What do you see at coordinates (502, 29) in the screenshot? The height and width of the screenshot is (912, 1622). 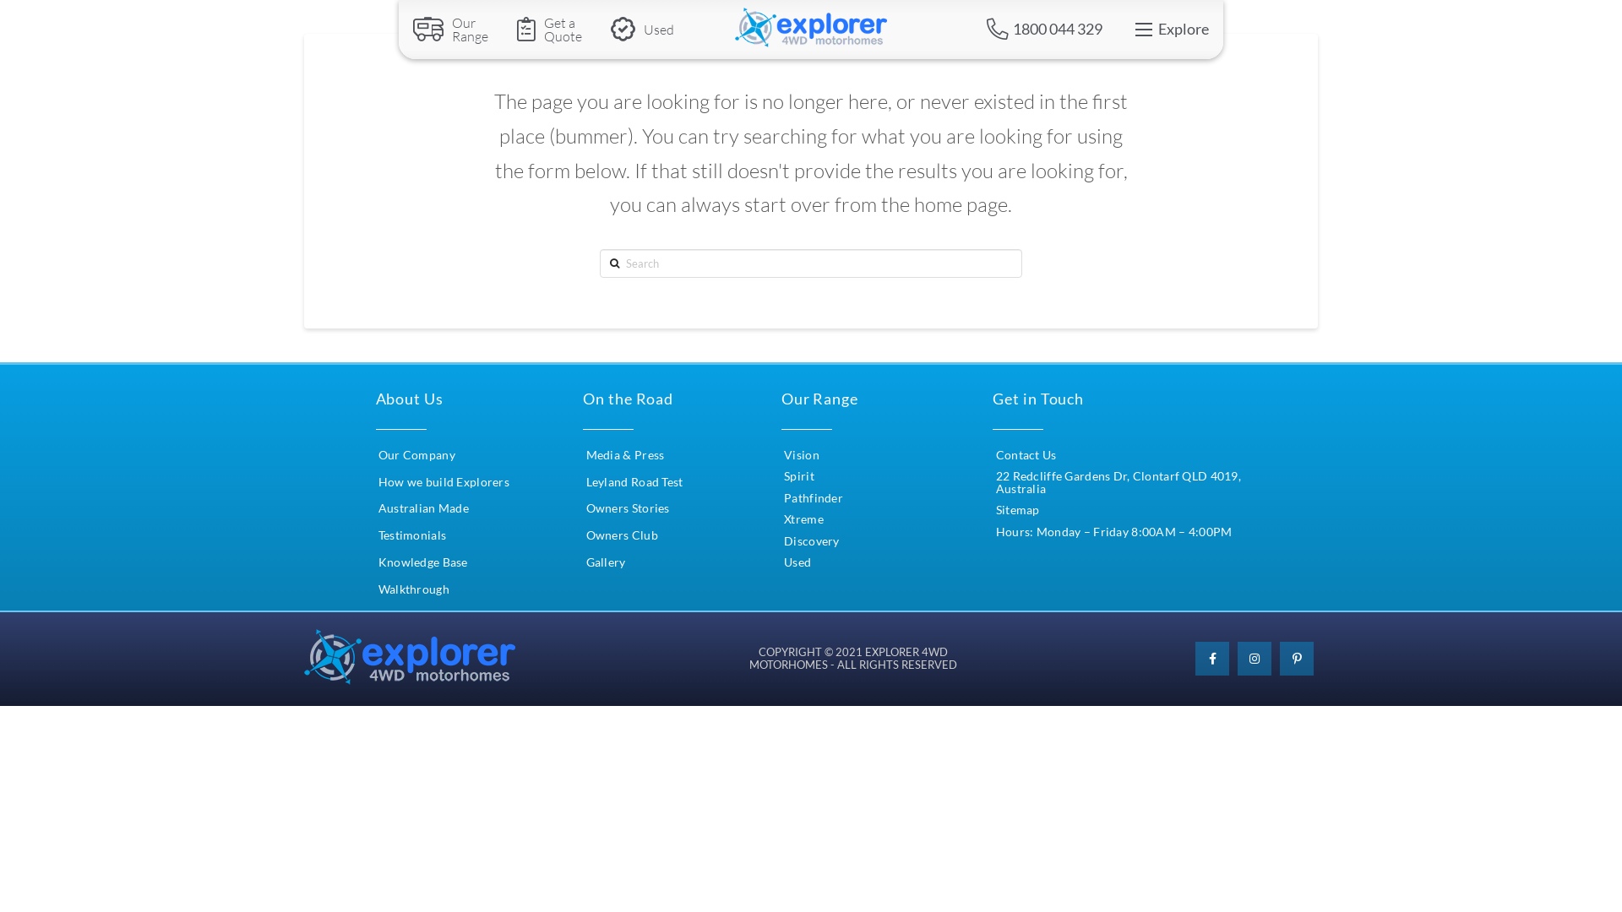 I see `'Get a` at bounding box center [502, 29].